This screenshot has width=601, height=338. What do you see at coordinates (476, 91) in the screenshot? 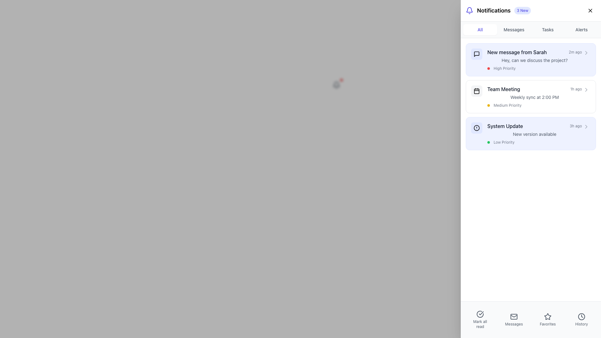
I see `the rounded rectangular shape of the calendar icon that is part of the notifications list next to 'Team Meeting'` at bounding box center [476, 91].